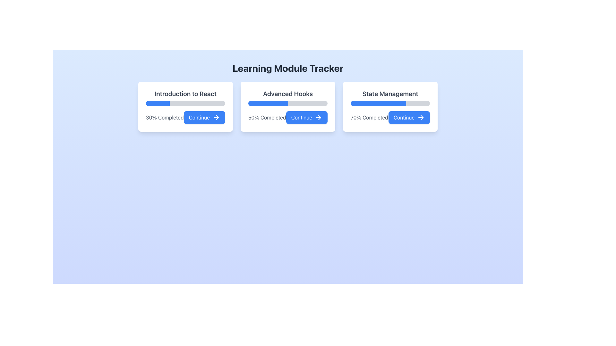 Image resolution: width=616 pixels, height=346 pixels. I want to click on the informational label indicating the percentage of completion for the course module, located to the left of the 'Continue' button and beneath the visual progress bar, so click(165, 117).